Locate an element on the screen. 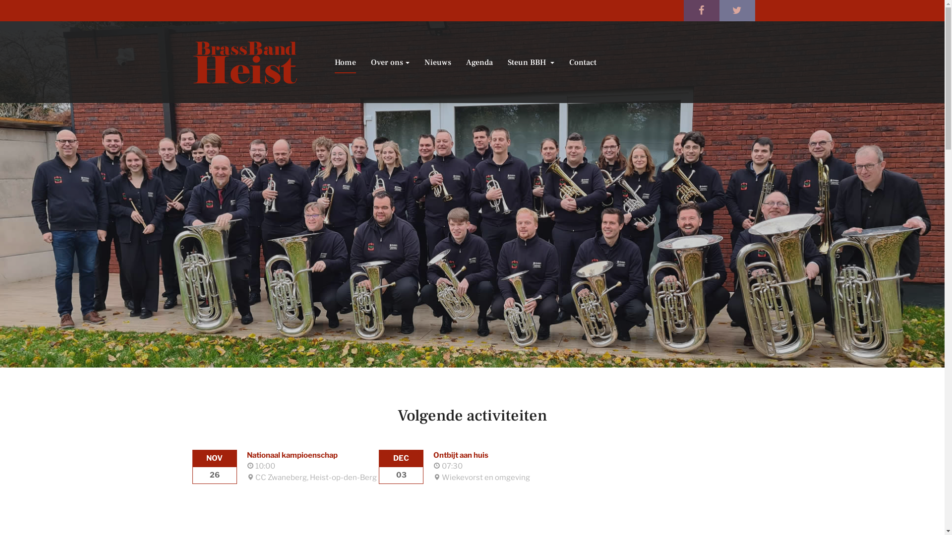 This screenshot has height=535, width=952. 'Ontbijt aan huis' is located at coordinates (433, 455).